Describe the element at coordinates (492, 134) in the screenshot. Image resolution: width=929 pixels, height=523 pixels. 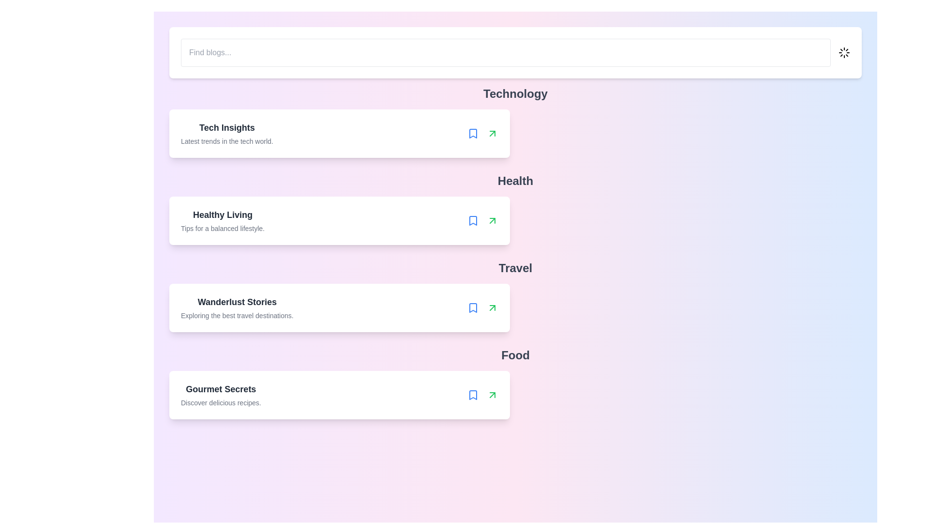
I see `the green arrow icon in the Technology section, located at the rightmost side of the card, for visual feedback` at that location.